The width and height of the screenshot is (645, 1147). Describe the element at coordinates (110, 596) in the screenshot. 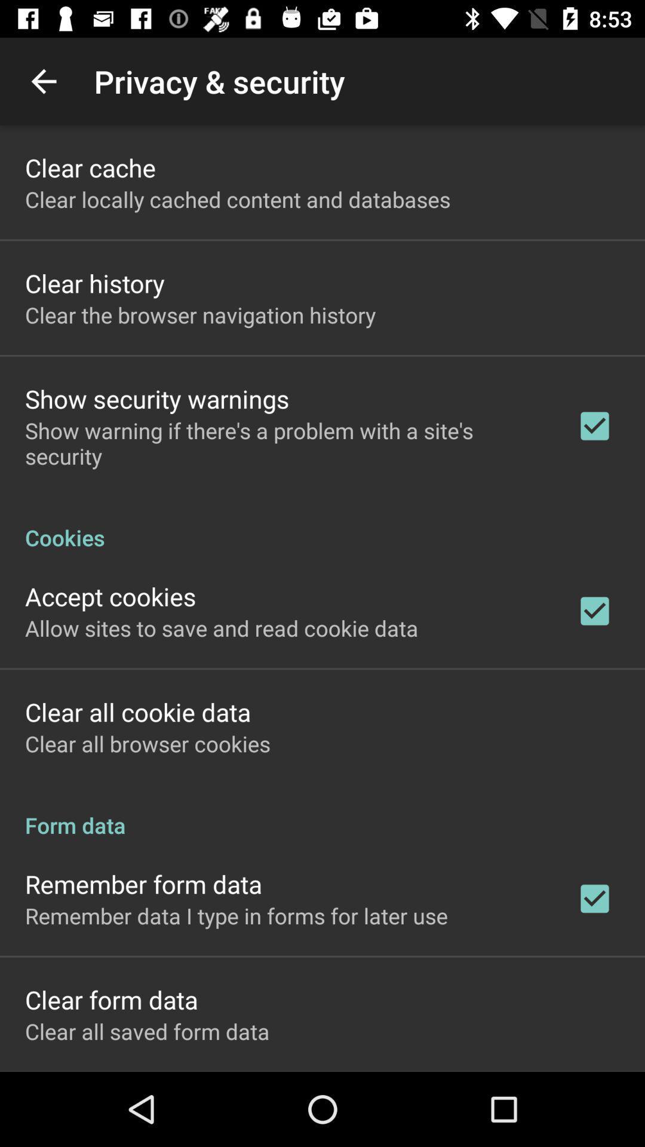

I see `accept cookies icon` at that location.